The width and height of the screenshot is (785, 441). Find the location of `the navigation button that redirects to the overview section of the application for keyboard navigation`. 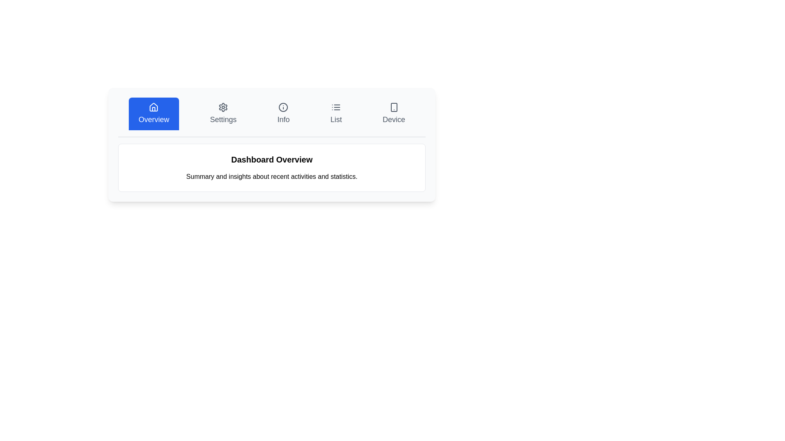

the navigation button that redirects to the overview section of the application for keyboard navigation is located at coordinates (154, 114).